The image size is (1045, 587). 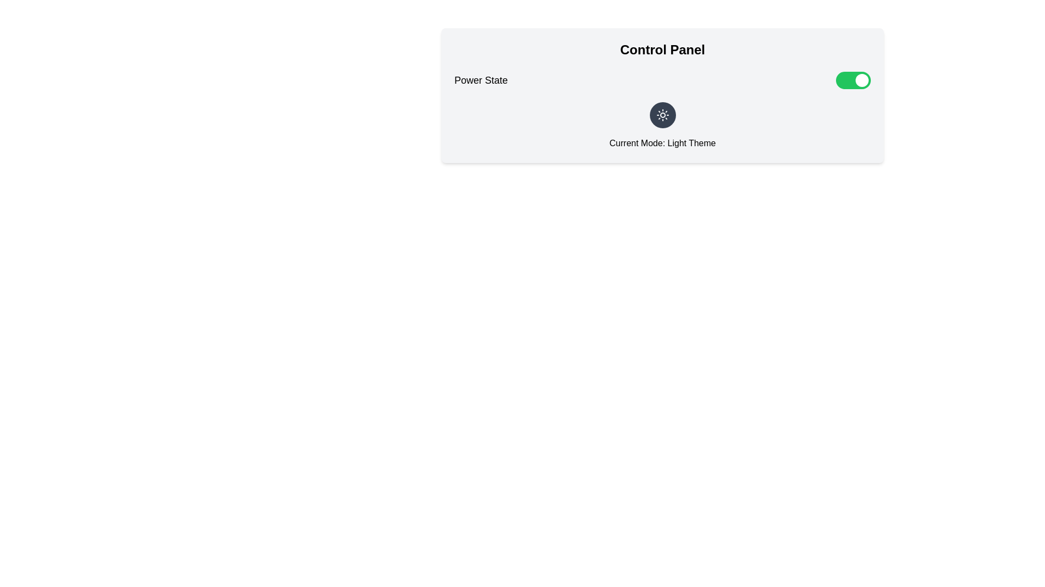 What do you see at coordinates (662, 115) in the screenshot?
I see `the circular button with a dark gray background` at bounding box center [662, 115].